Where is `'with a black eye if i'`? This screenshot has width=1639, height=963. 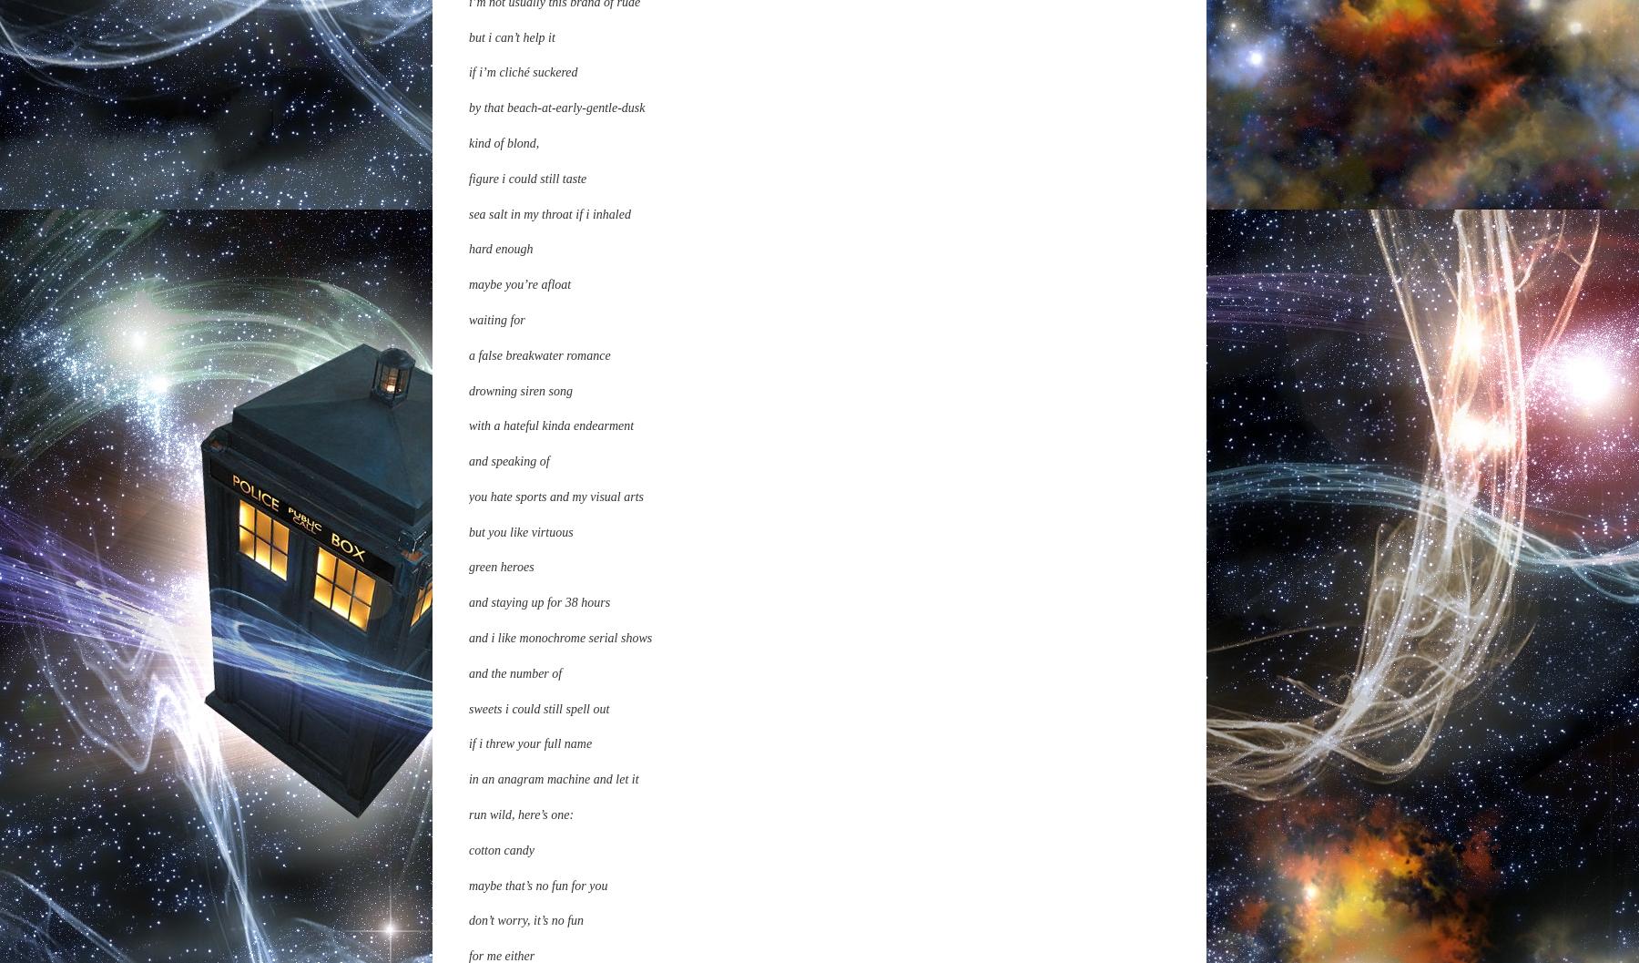 'with a black eye if i' is located at coordinates (517, 668).